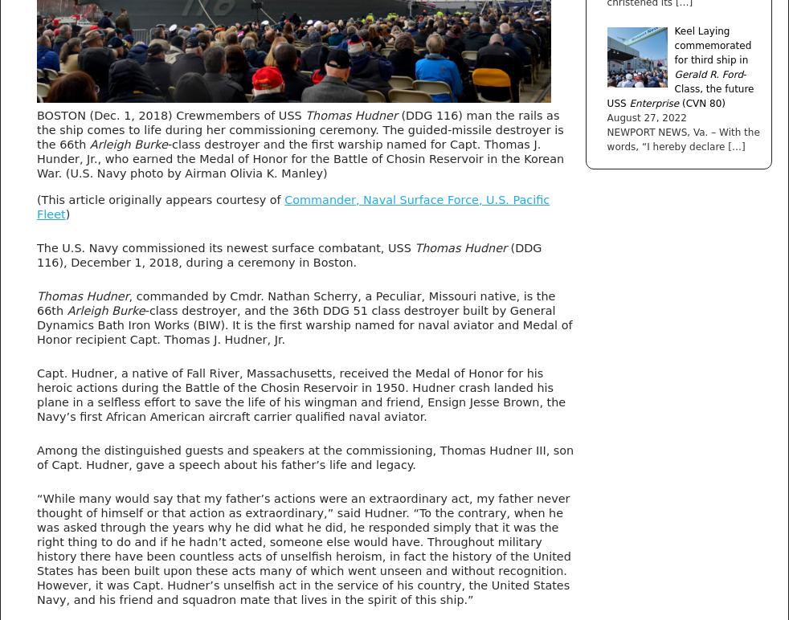  I want to click on ', commanded by Cmdr. Nathan Scherry, a Peculiar, Missouri native, is the 66th', so click(35, 301).